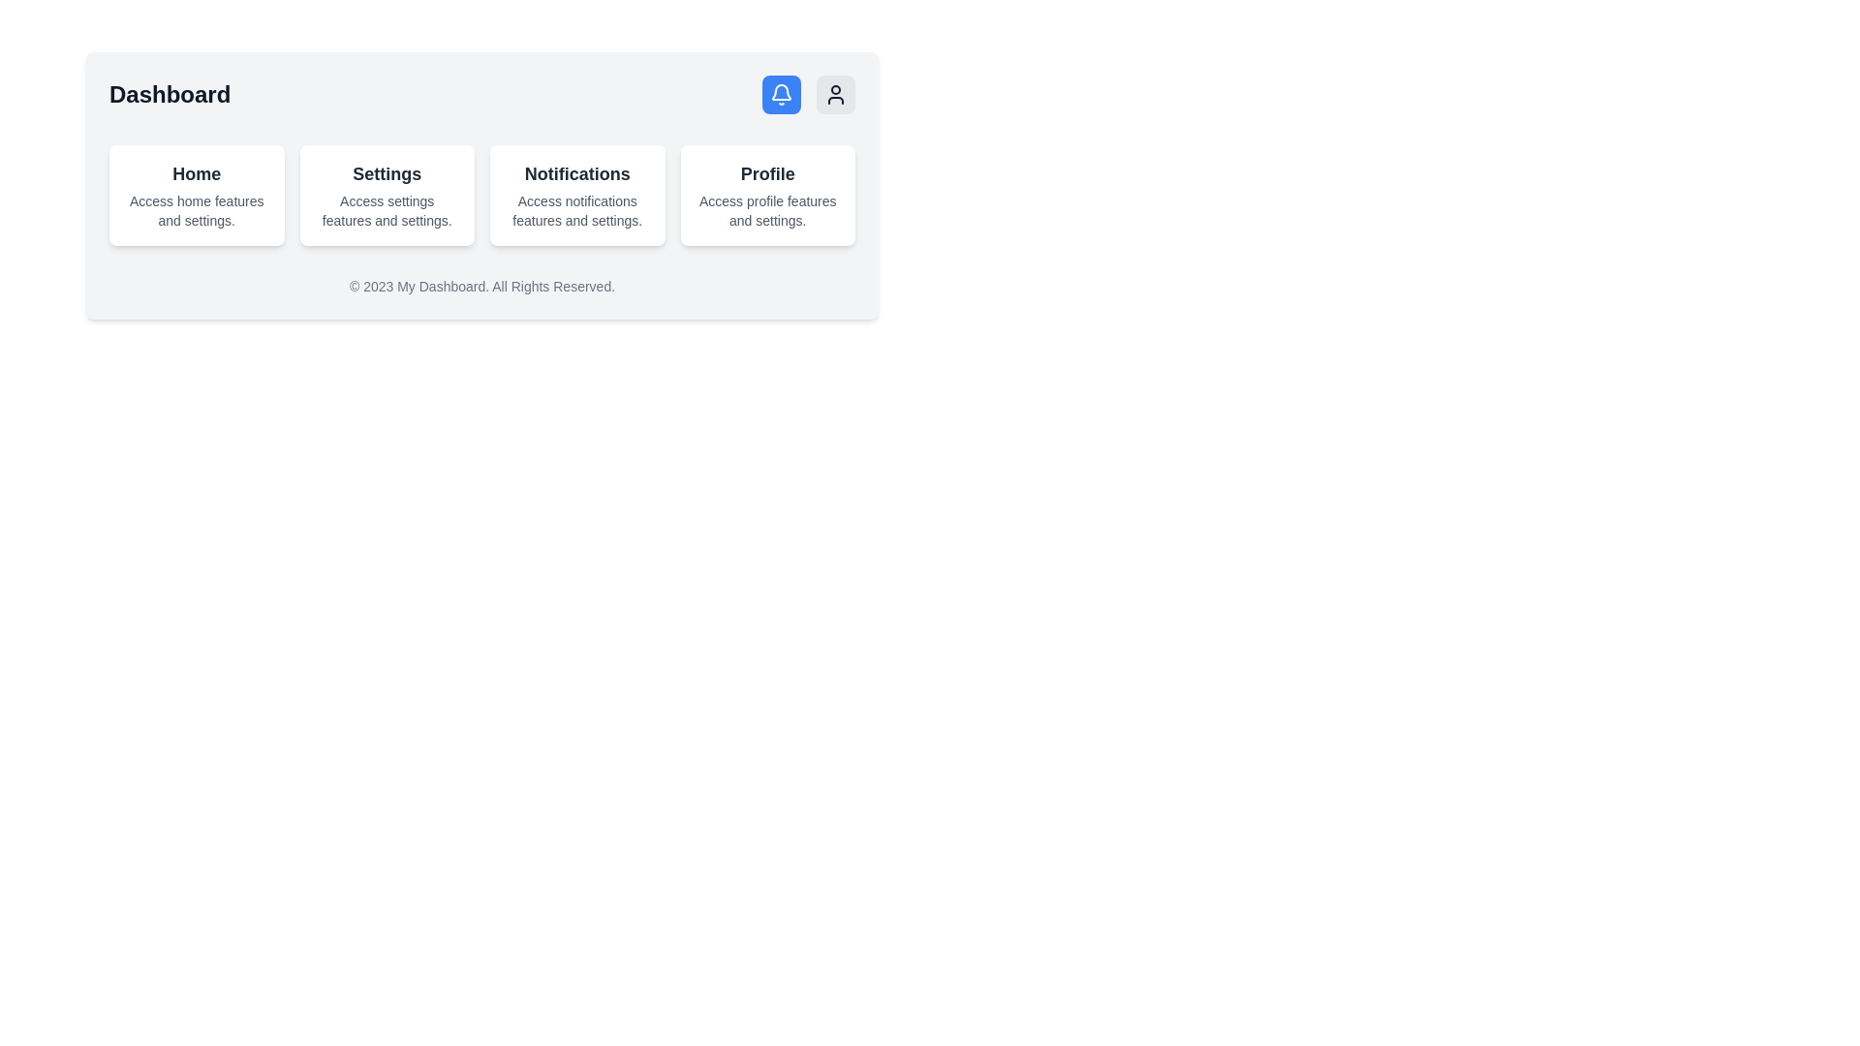  What do you see at coordinates (197, 174) in the screenshot?
I see `the 'Home' text label, which is prominently displayed as the title for the 'Home' card at the top center of a white box with rounded corners and shadows` at bounding box center [197, 174].